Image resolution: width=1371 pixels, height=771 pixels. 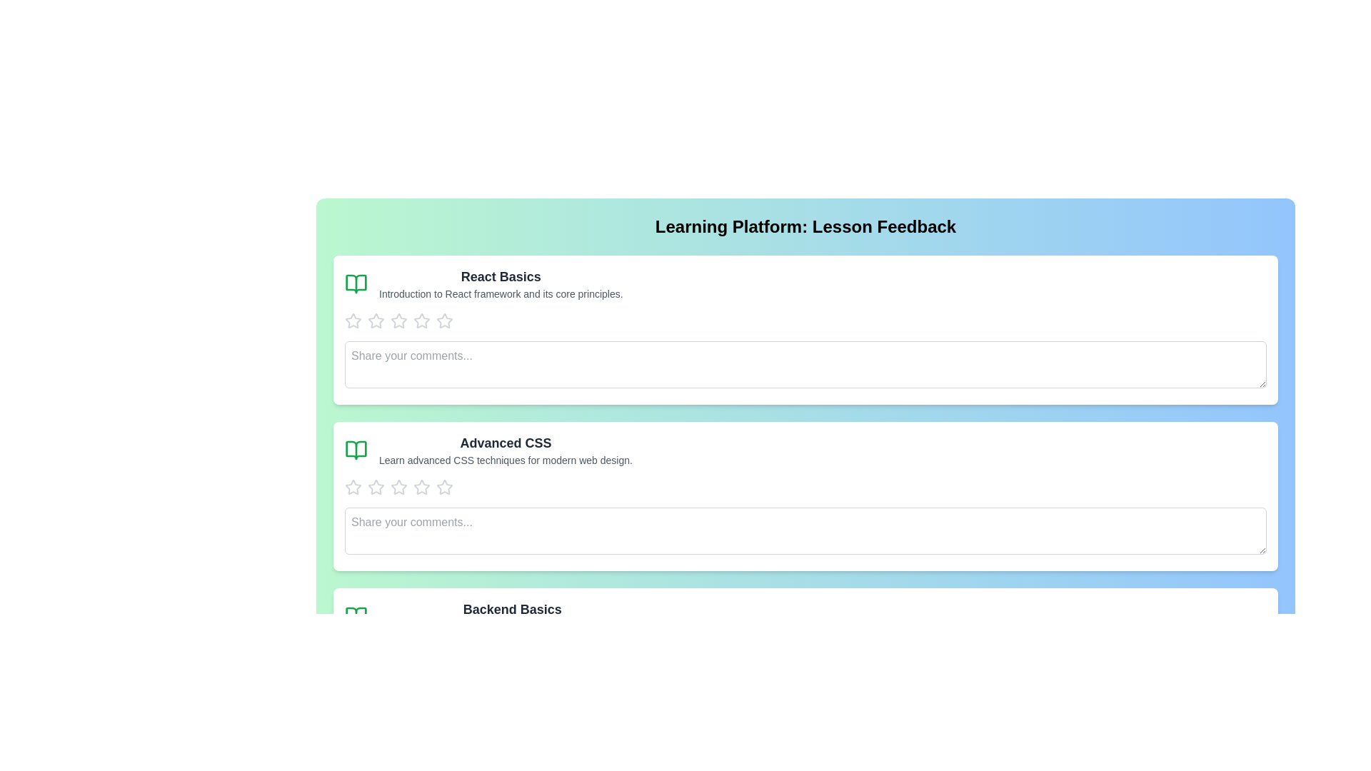 I want to click on the 'Learning Platform: Lesson Feedback' heading, so click(x=805, y=226).